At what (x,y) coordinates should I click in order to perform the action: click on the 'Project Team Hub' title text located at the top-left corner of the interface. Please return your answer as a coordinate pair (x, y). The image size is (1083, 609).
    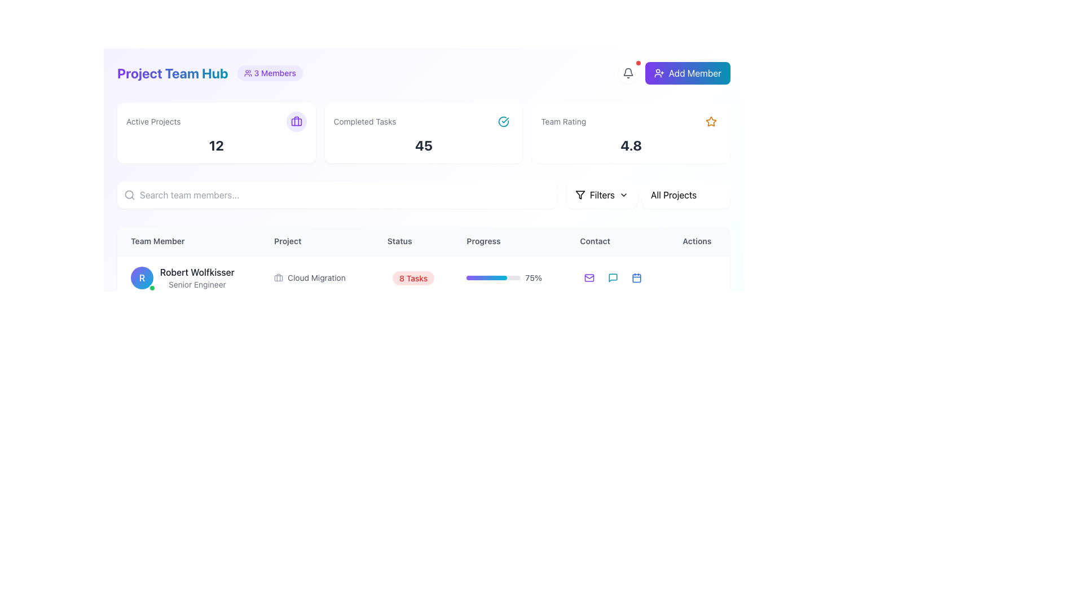
    Looking at the image, I should click on (172, 73).